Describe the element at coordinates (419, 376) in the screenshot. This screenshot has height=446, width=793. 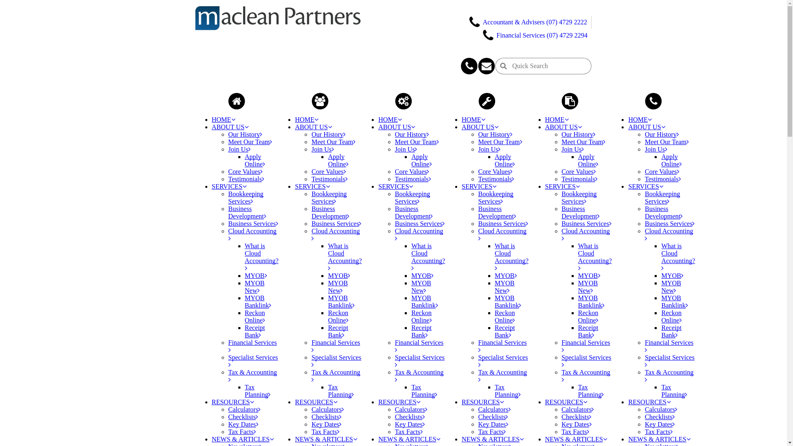
I see `'Tax & Accounting'` at that location.